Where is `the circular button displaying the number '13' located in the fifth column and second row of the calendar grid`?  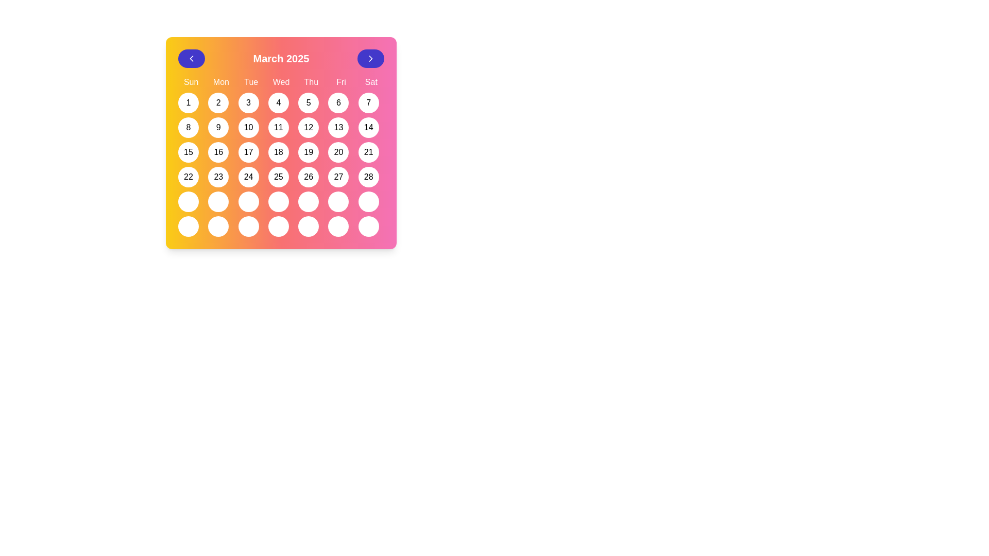
the circular button displaying the number '13' located in the fifth column and second row of the calendar grid is located at coordinates (338, 127).